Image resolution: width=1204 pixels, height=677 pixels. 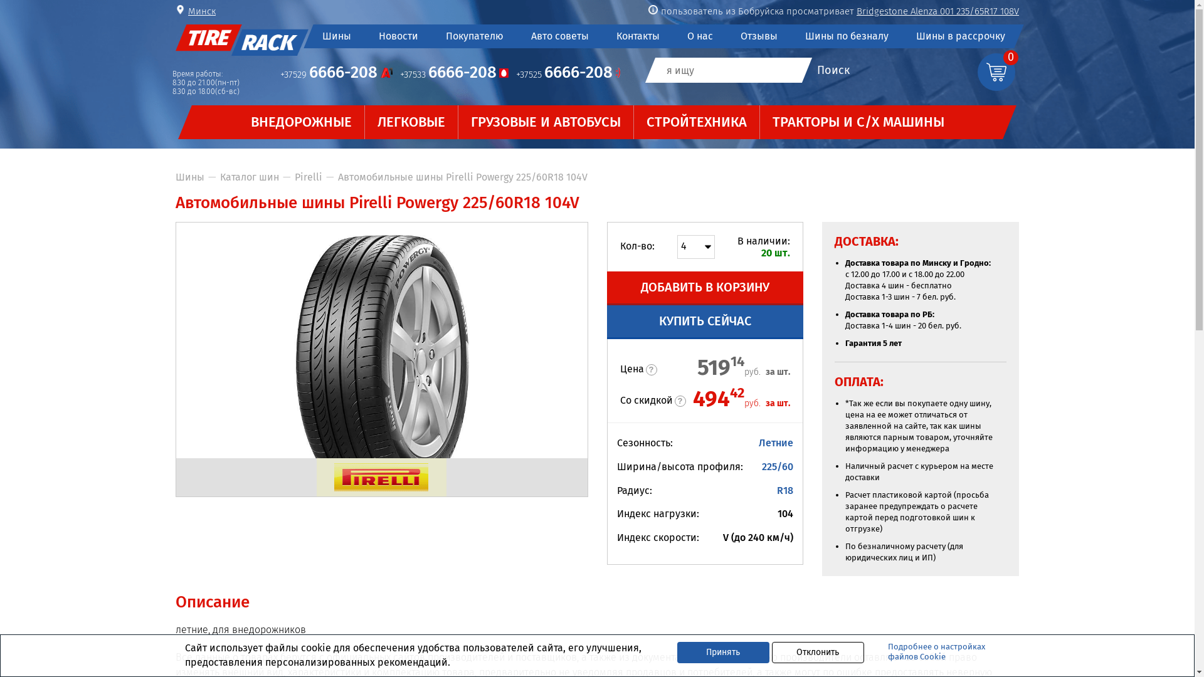 I want to click on 'Pirelli', so click(x=294, y=177).